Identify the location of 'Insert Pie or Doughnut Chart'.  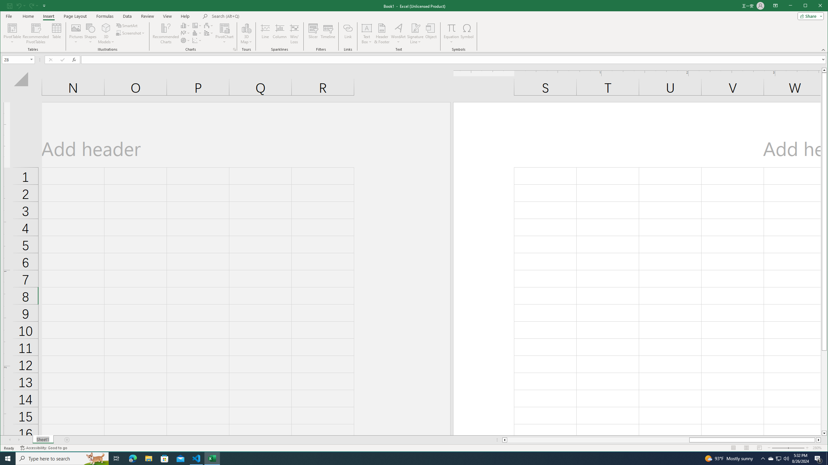
(185, 40).